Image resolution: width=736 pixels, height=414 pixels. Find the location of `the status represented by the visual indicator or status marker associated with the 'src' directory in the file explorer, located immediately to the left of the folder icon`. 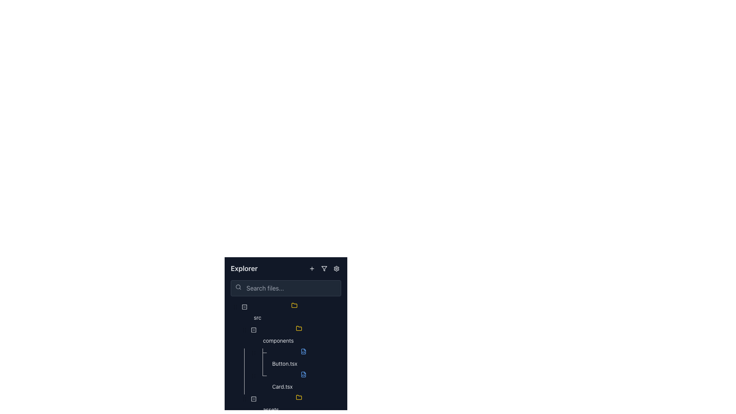

the status represented by the visual indicator or status marker associated with the 'src' directory in the file explorer, located immediately to the left of the folder icon is located at coordinates (244, 329).